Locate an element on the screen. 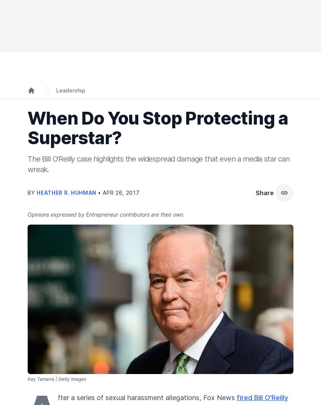 Image resolution: width=321 pixels, height=405 pixels. 'Most Popular' is located at coordinates (74, 142).